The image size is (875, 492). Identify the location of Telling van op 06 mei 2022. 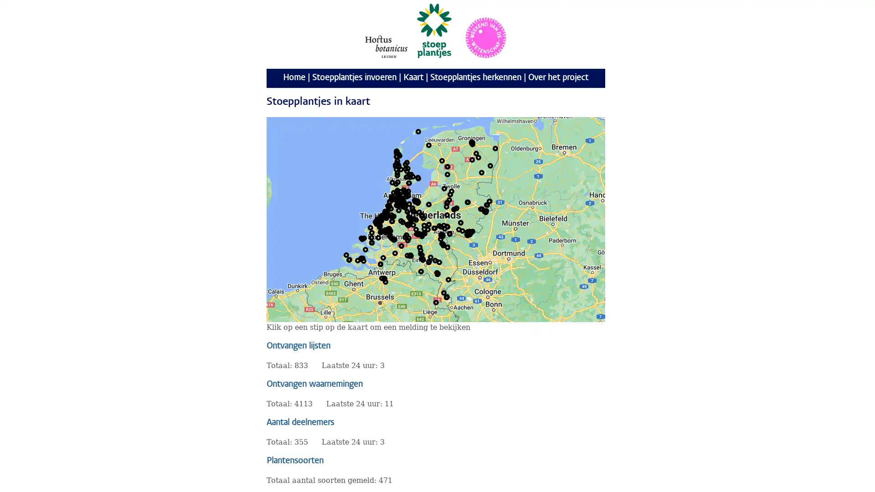
(380, 221).